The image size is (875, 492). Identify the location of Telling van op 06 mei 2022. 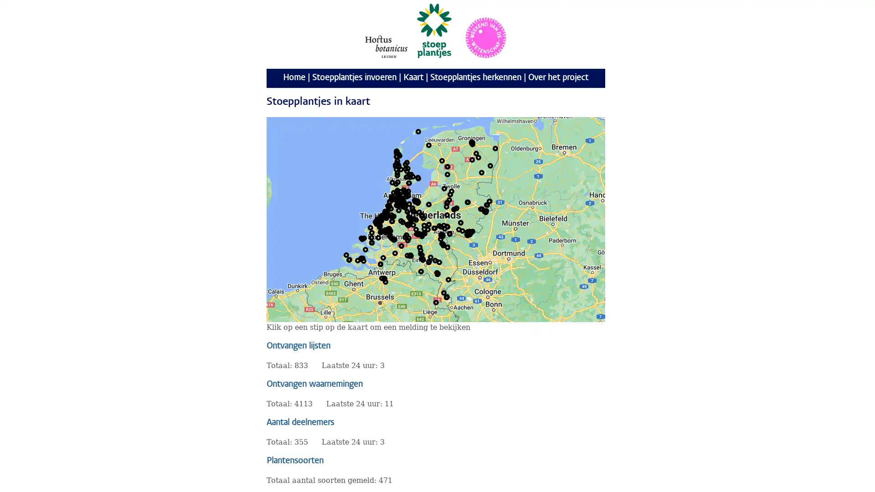
(380, 221).